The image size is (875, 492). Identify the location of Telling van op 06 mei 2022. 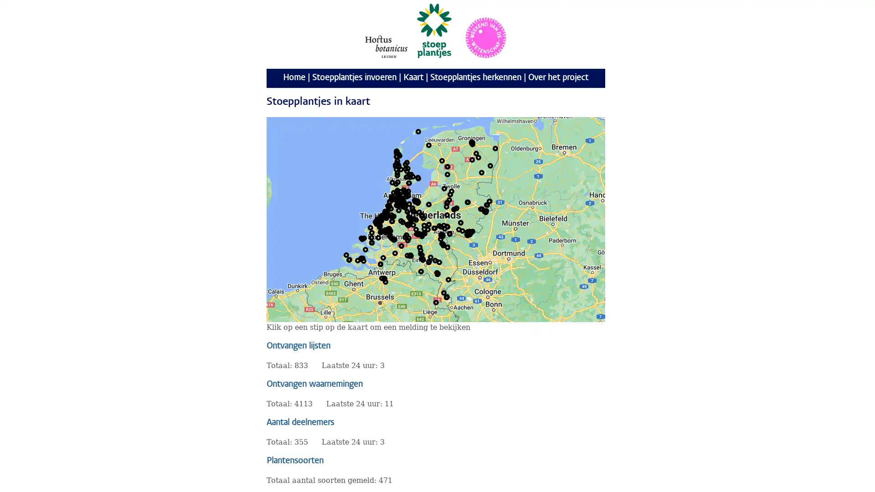
(380, 221).